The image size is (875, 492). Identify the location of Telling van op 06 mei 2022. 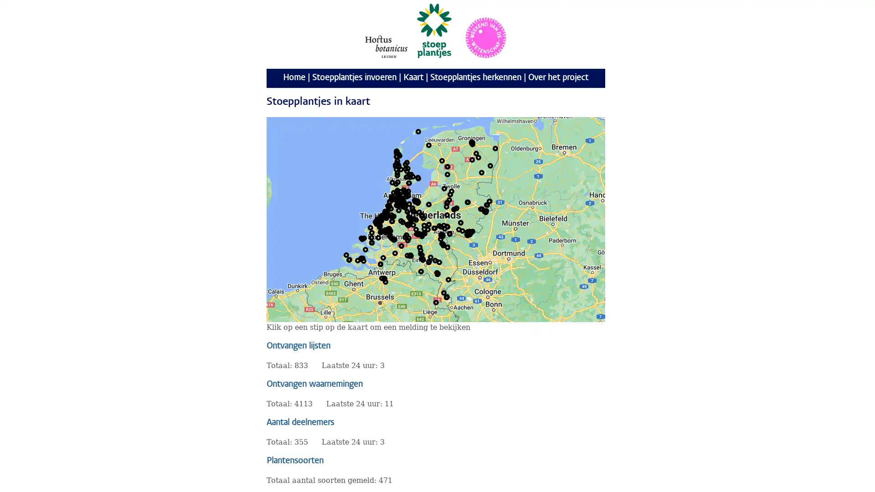
(380, 221).